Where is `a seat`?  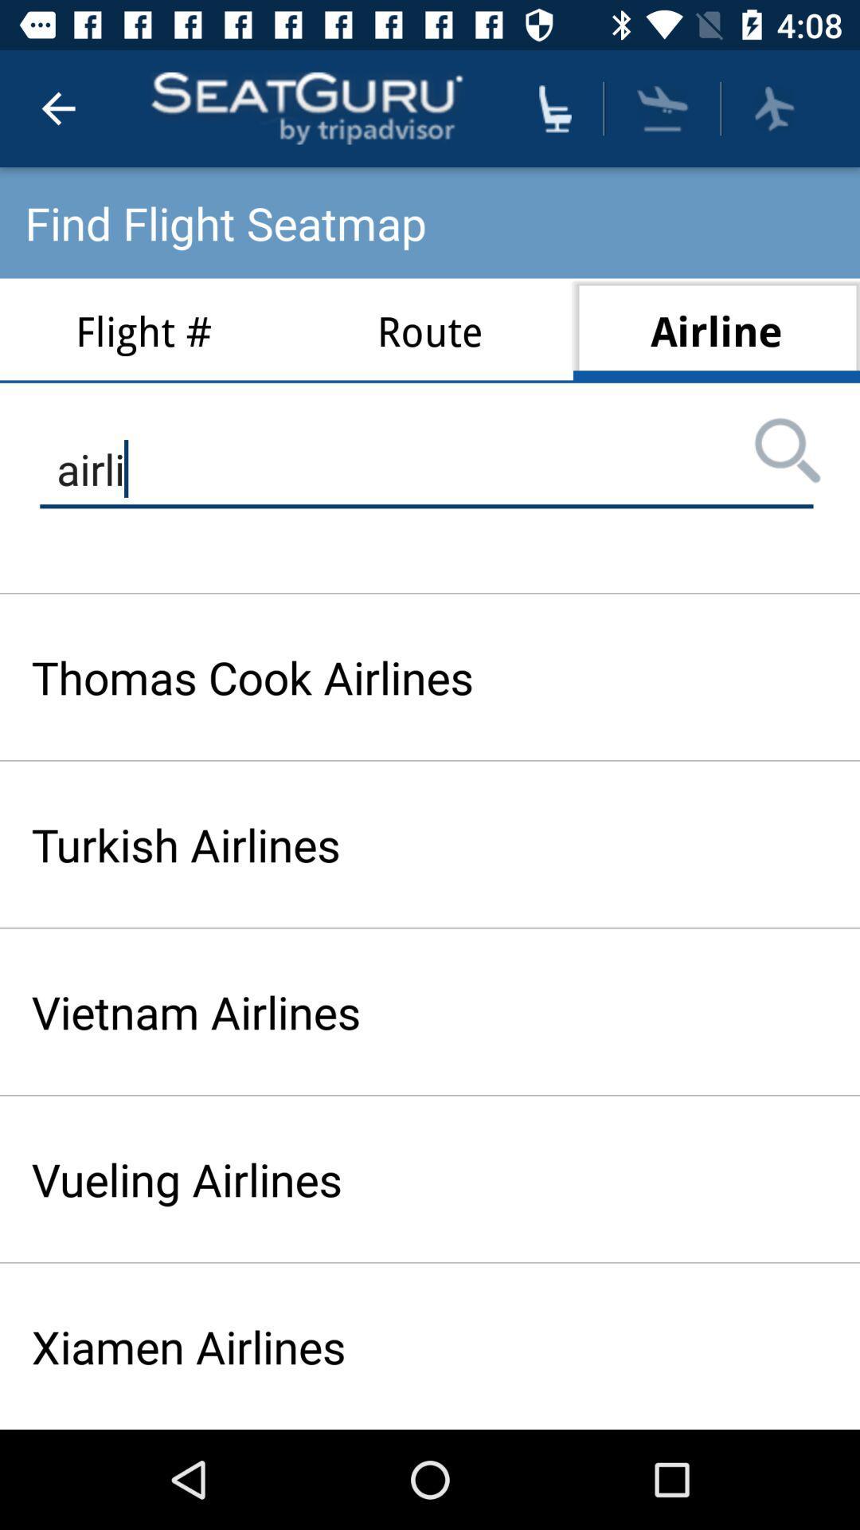 a seat is located at coordinates (554, 108).